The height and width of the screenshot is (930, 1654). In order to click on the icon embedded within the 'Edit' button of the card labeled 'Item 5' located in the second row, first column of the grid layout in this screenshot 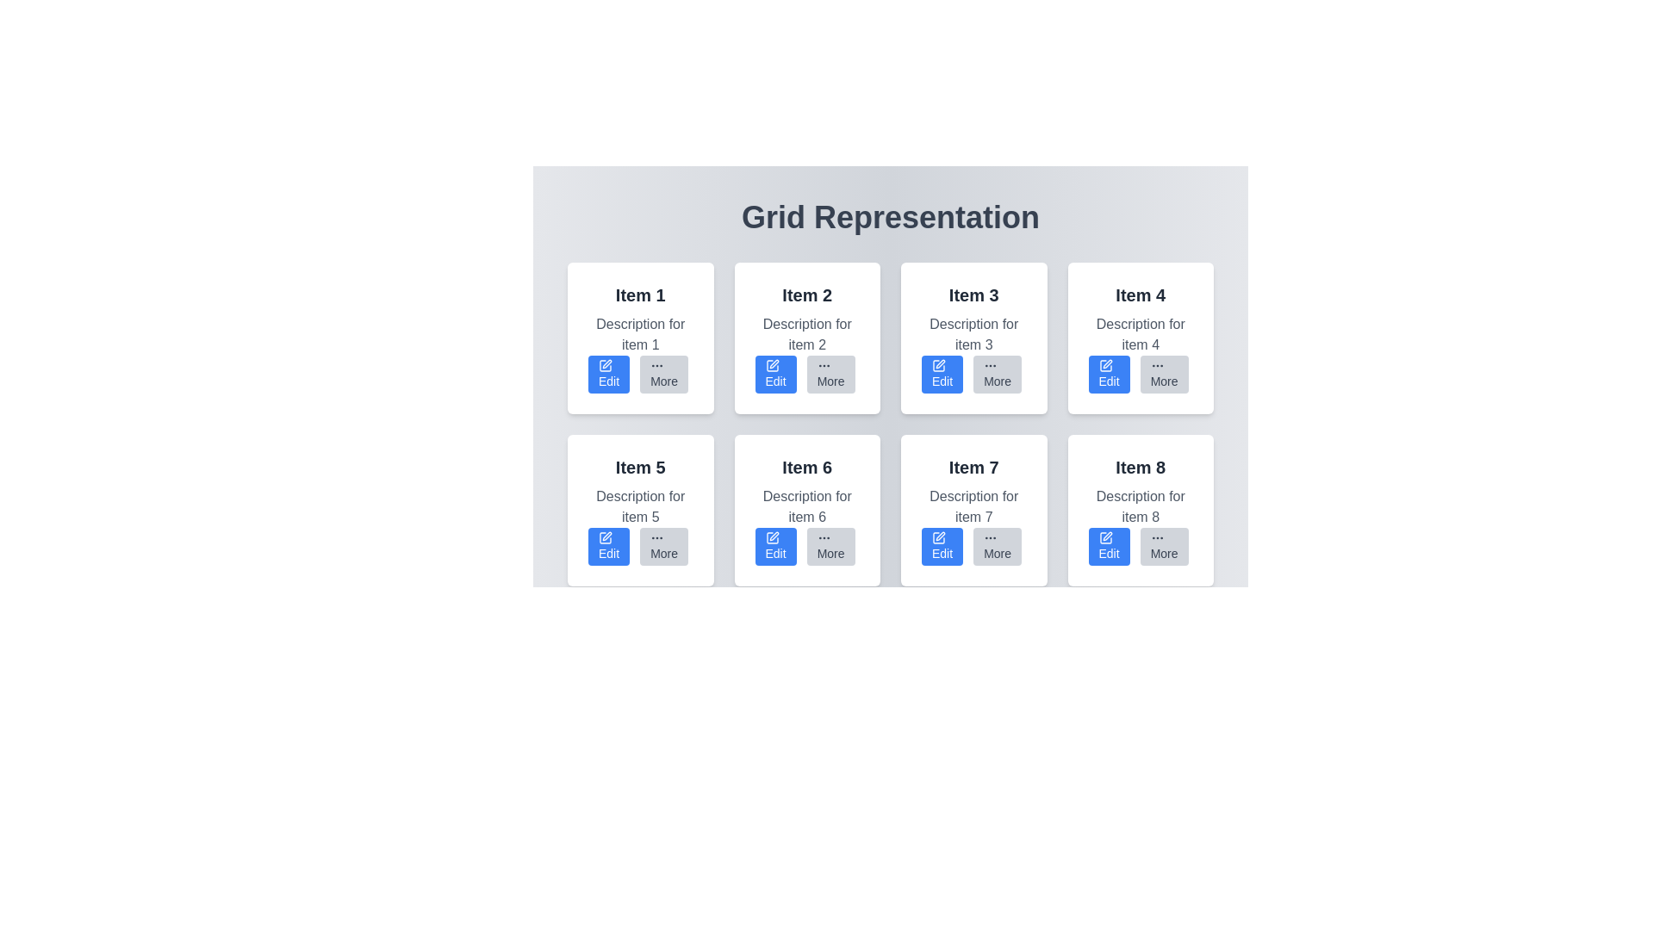, I will do `click(605, 536)`.